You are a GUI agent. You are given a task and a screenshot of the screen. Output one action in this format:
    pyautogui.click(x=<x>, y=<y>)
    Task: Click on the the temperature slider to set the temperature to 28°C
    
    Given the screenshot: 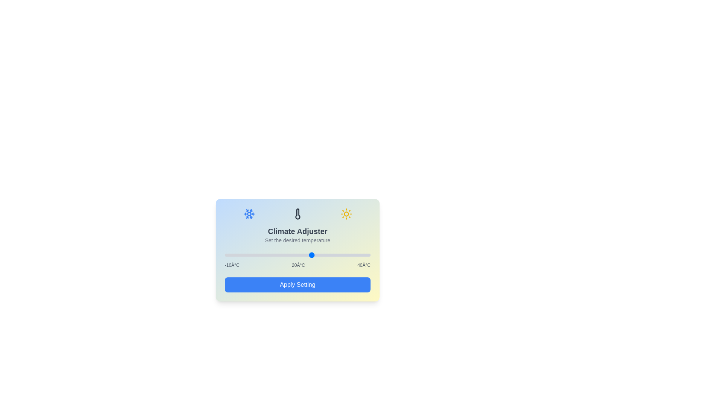 What is the action you would take?
    pyautogui.click(x=335, y=255)
    